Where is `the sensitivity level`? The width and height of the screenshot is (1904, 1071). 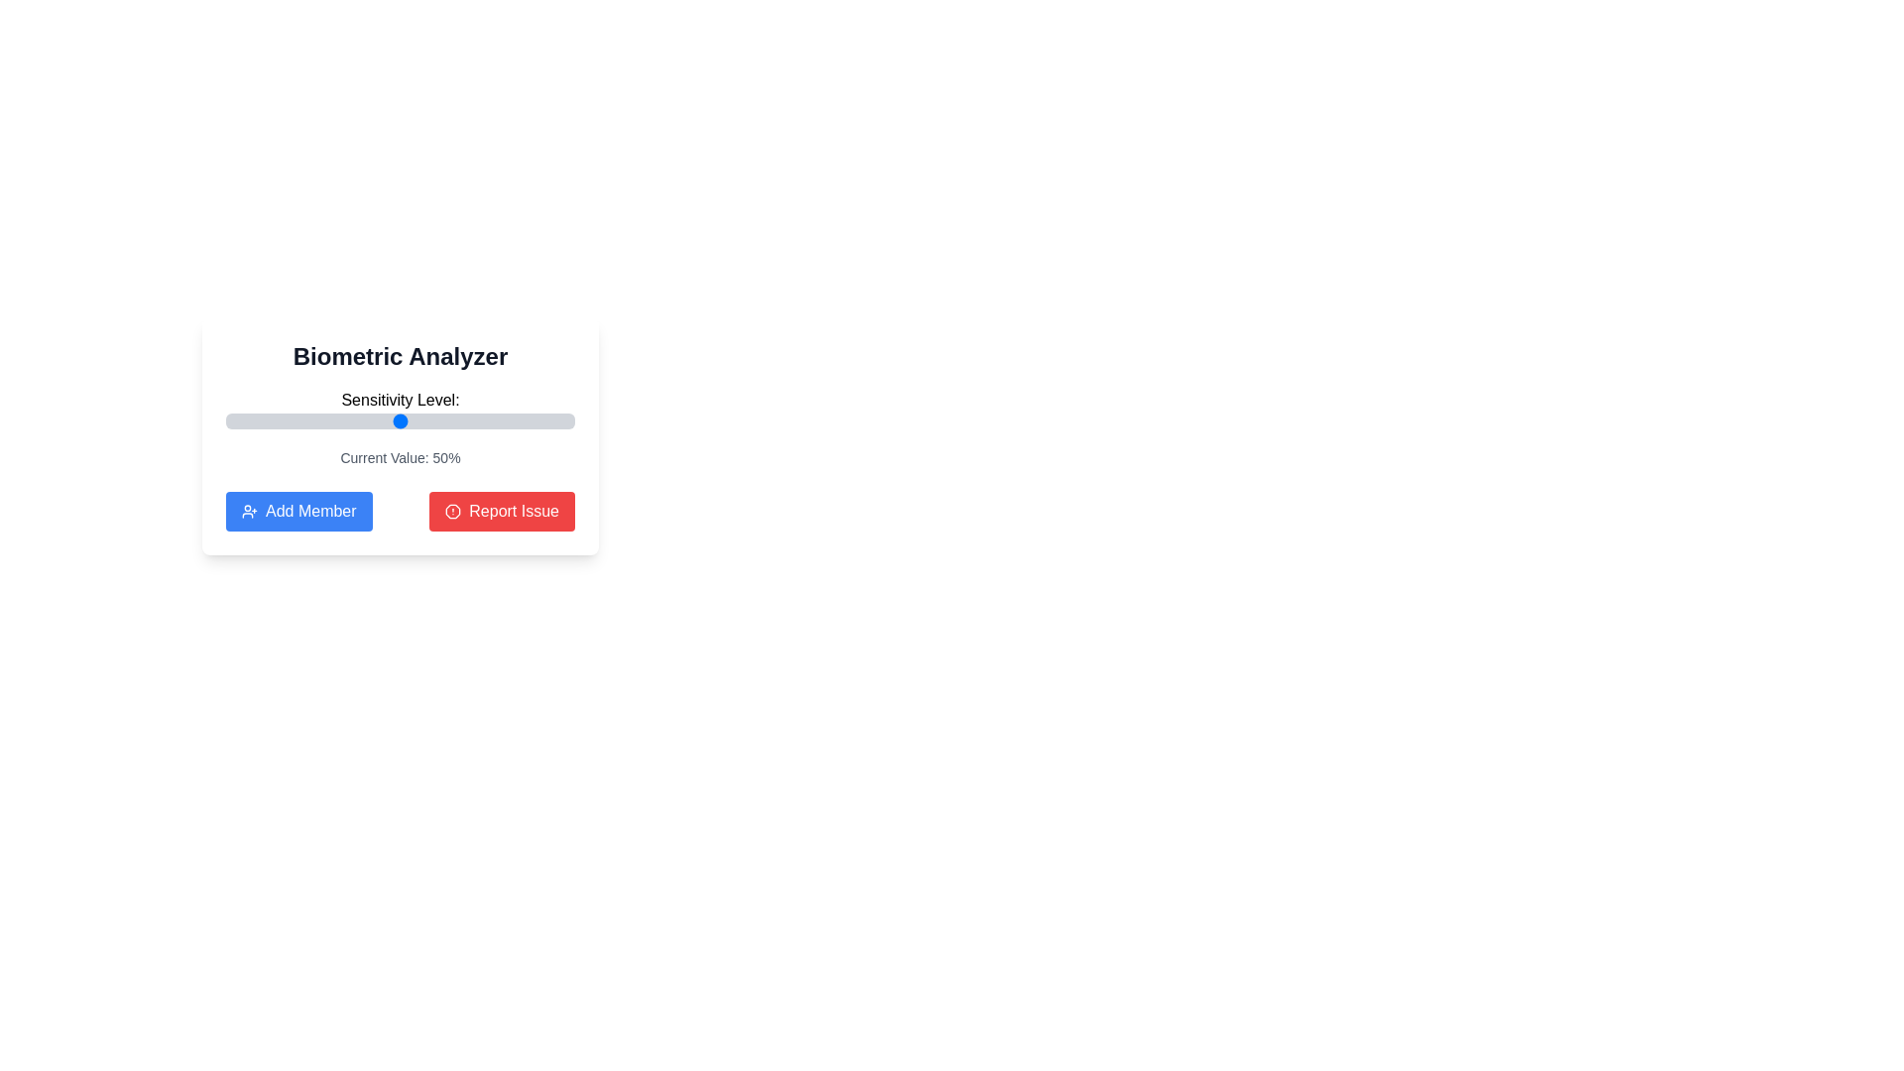 the sensitivity level is located at coordinates (407, 419).